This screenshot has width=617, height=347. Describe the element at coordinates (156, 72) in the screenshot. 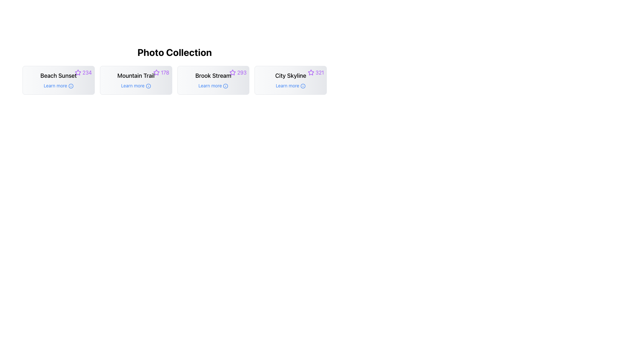

I see `the star icon representing ratings or favorites for the 'Mountain Trail' card, located at the top-right corner beside the title text` at that location.